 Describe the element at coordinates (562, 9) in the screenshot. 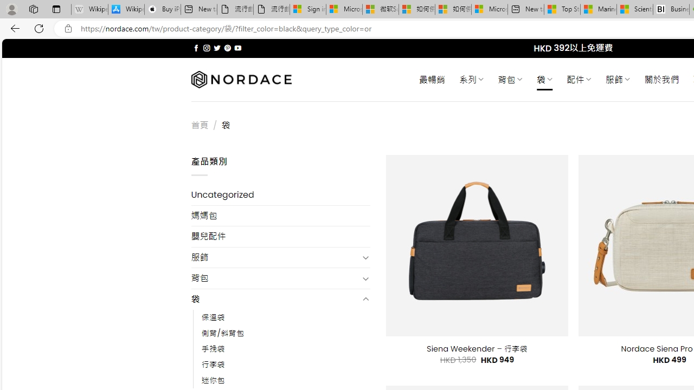

I see `'Top Stories - MSN'` at that location.